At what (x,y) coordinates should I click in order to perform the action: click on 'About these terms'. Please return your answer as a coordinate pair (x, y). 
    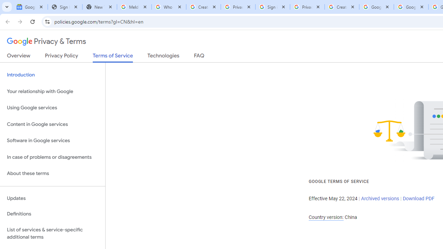
    Looking at the image, I should click on (52, 173).